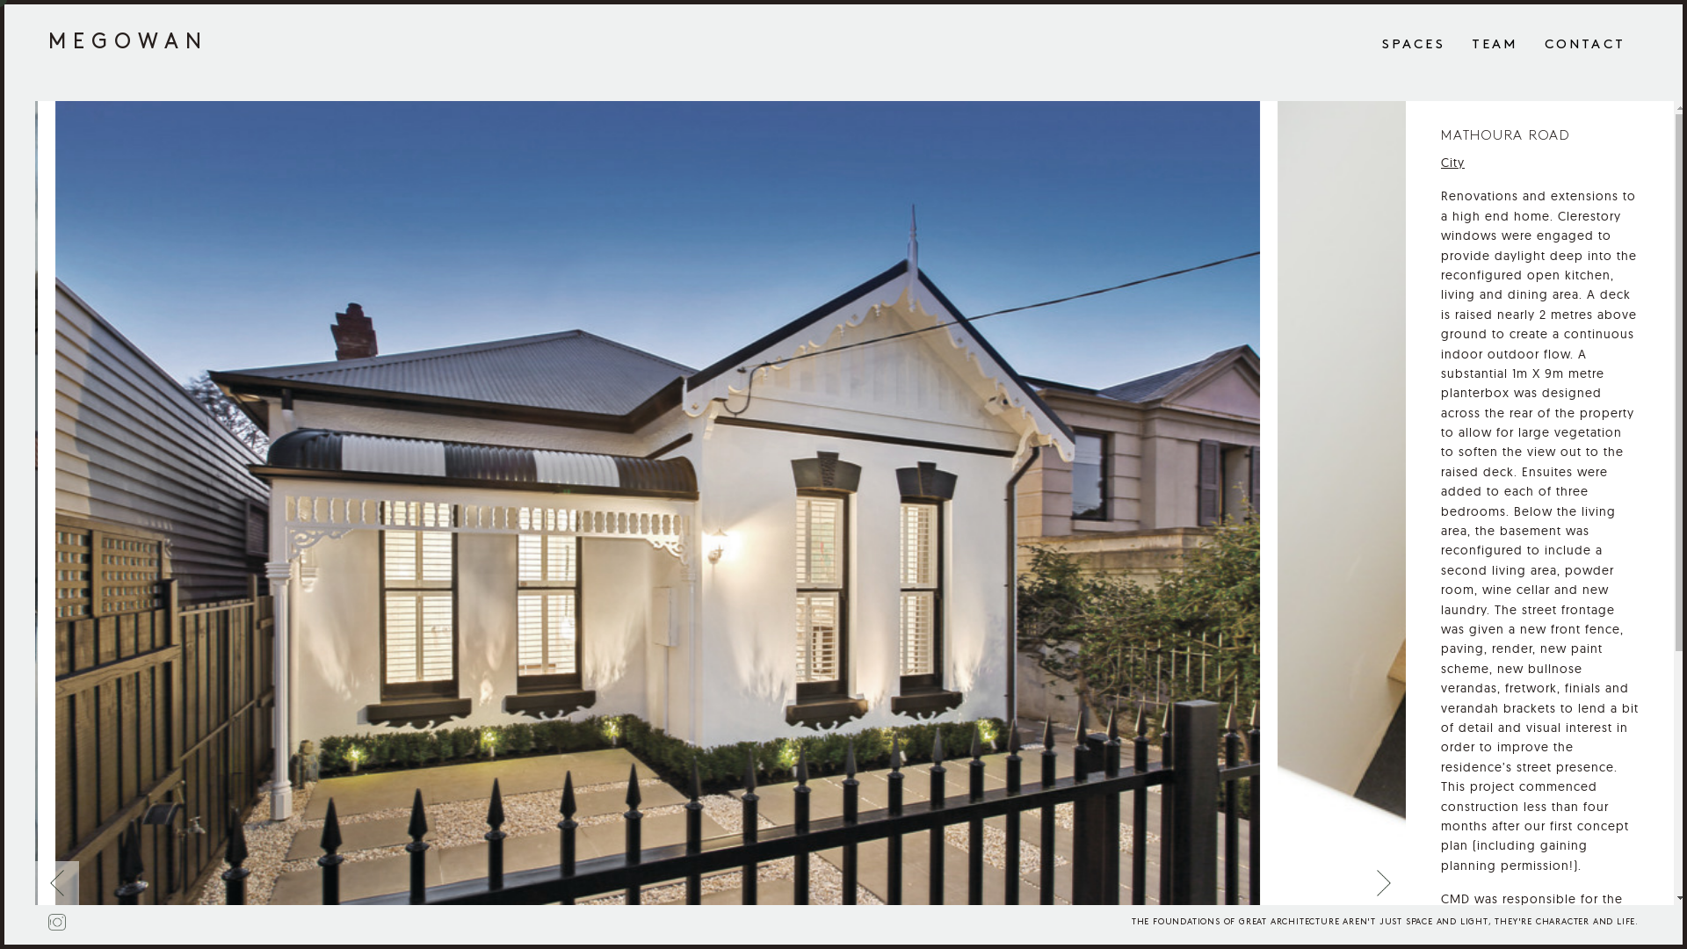 This screenshot has height=949, width=1687. What do you see at coordinates (127, 40) in the screenshot?
I see `'MEGOWAN'` at bounding box center [127, 40].